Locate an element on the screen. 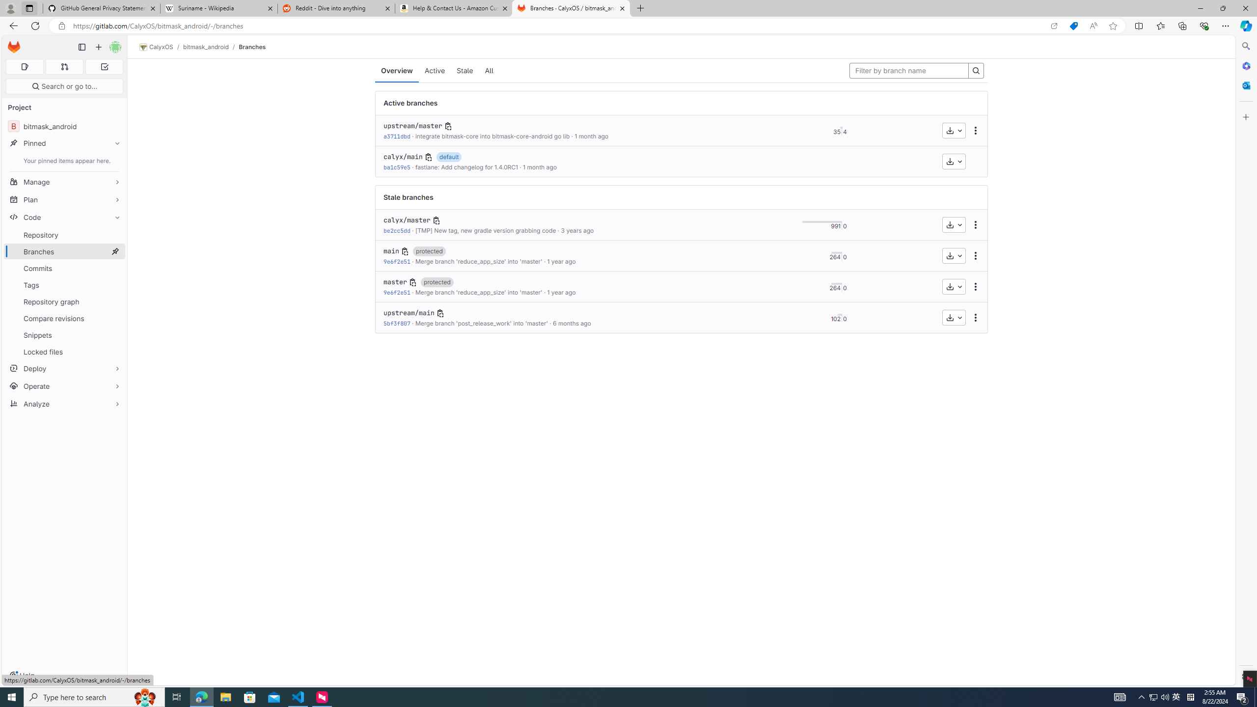  'fastlane: Add changelog for 1.4.0RC1' is located at coordinates (466, 167).